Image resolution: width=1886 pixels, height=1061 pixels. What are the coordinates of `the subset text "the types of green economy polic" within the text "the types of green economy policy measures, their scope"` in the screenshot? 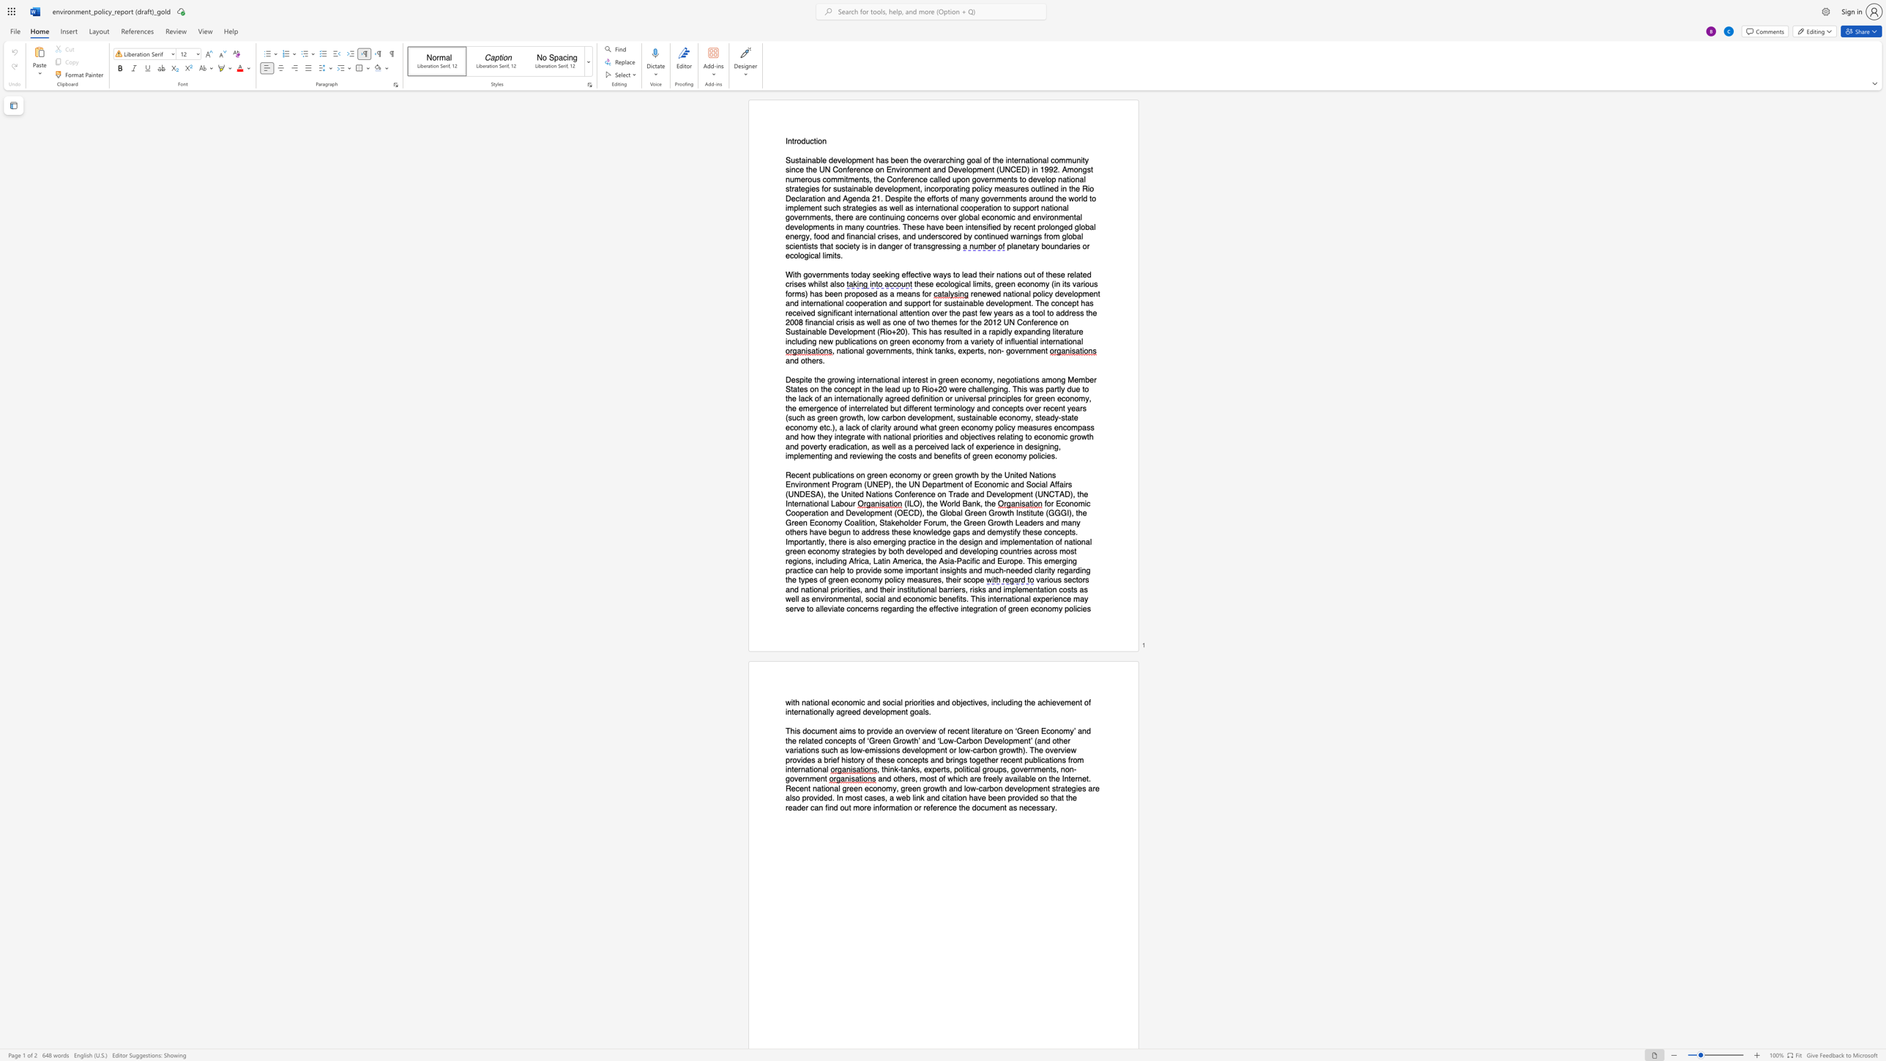 It's located at (785, 579).